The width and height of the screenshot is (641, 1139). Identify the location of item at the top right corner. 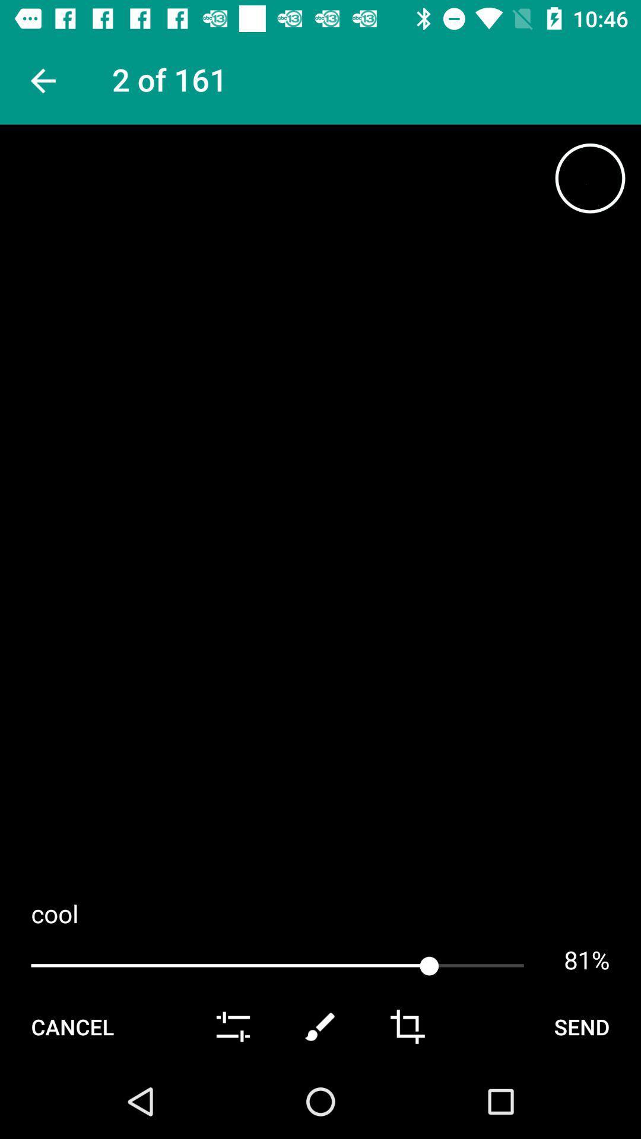
(590, 177).